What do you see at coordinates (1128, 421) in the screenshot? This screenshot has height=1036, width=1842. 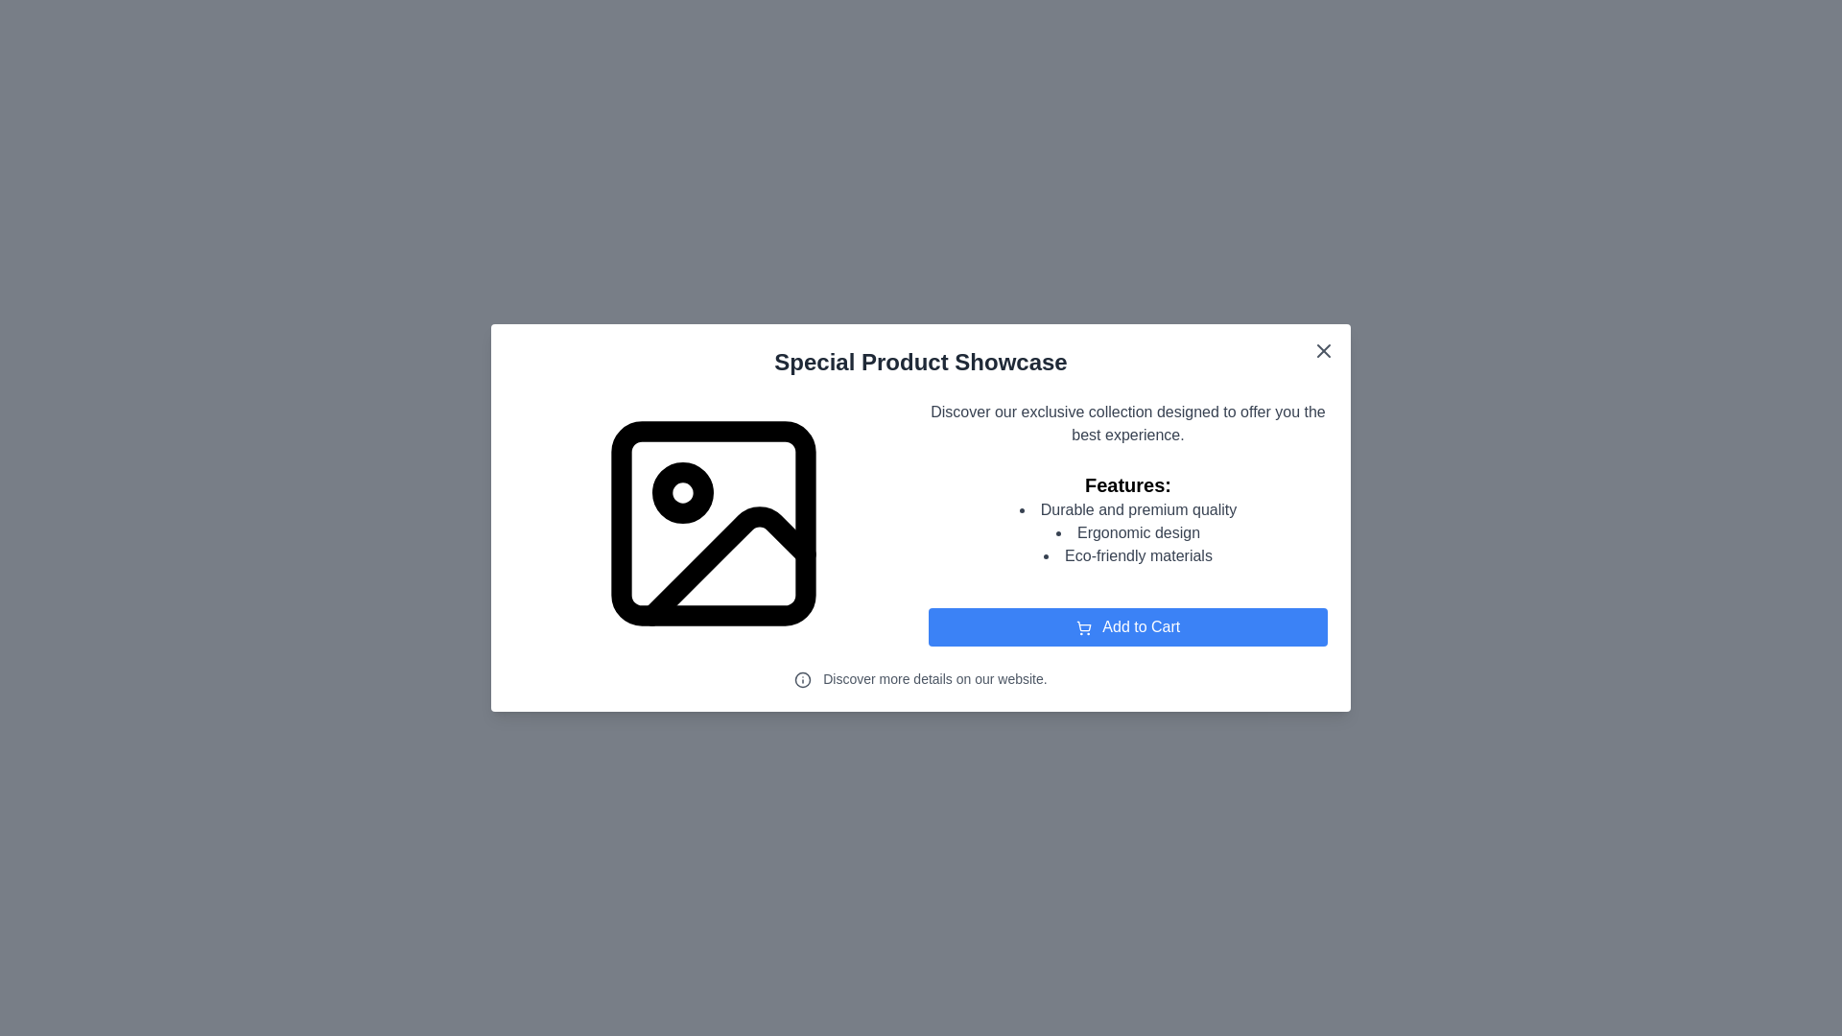 I see `the text block that contains the message 'Discover our exclusive collection designed to offer you the best experience.' positioned in the upper right section of the modal window` at bounding box center [1128, 421].